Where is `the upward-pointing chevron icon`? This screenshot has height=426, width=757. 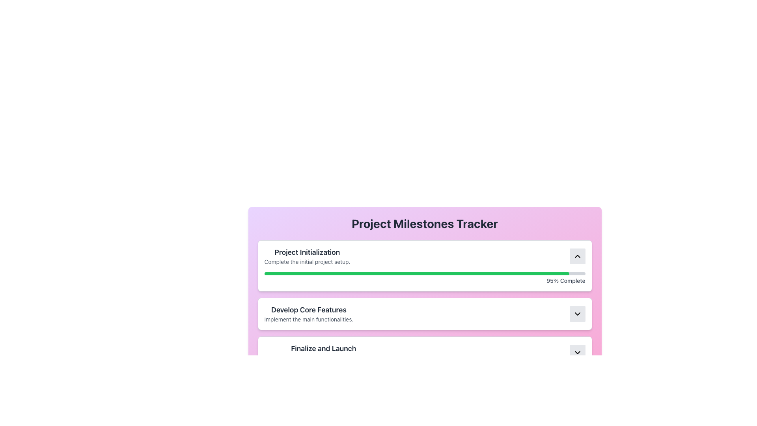 the upward-pointing chevron icon is located at coordinates (577, 256).